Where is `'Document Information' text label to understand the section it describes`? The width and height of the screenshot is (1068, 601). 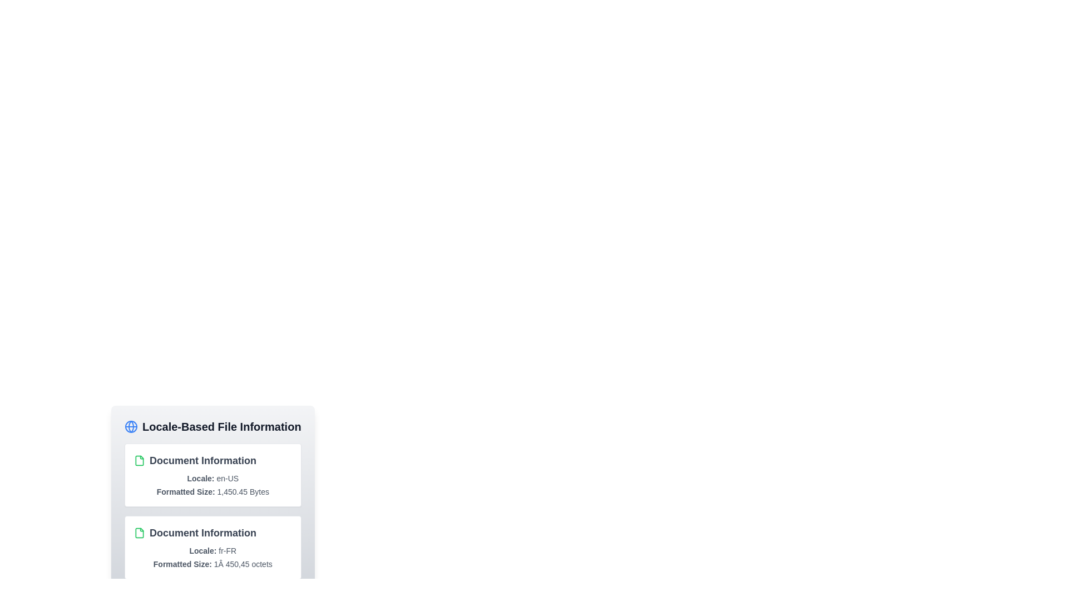 'Document Information' text label to understand the section it describes is located at coordinates (212, 461).